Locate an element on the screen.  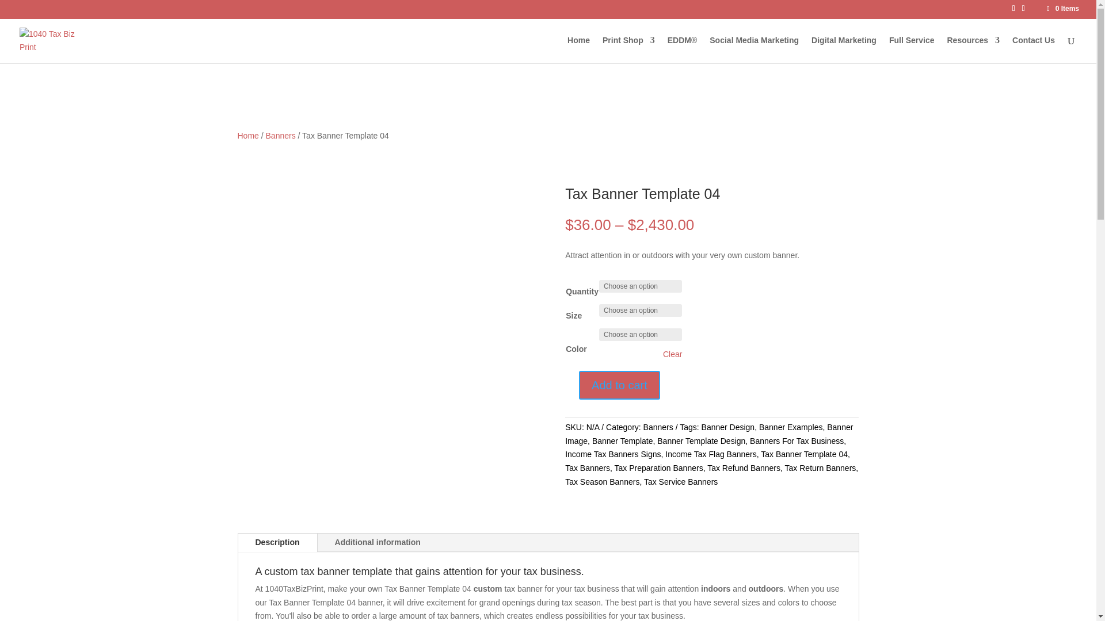
'Contact Us' is located at coordinates (1011, 49).